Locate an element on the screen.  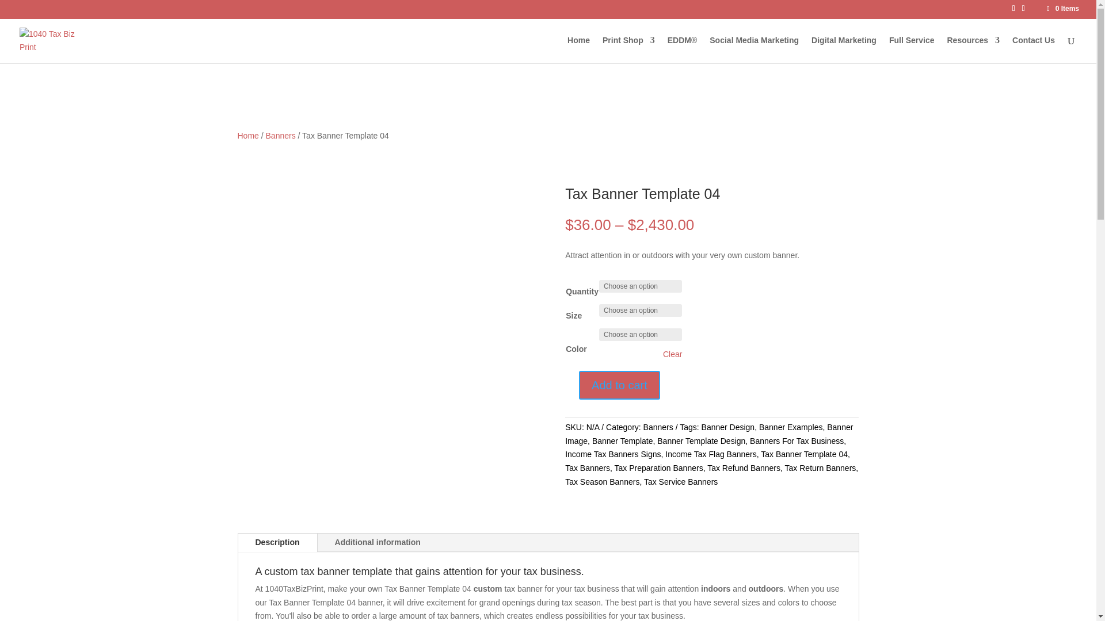
'Contact Us' is located at coordinates (1011, 49).